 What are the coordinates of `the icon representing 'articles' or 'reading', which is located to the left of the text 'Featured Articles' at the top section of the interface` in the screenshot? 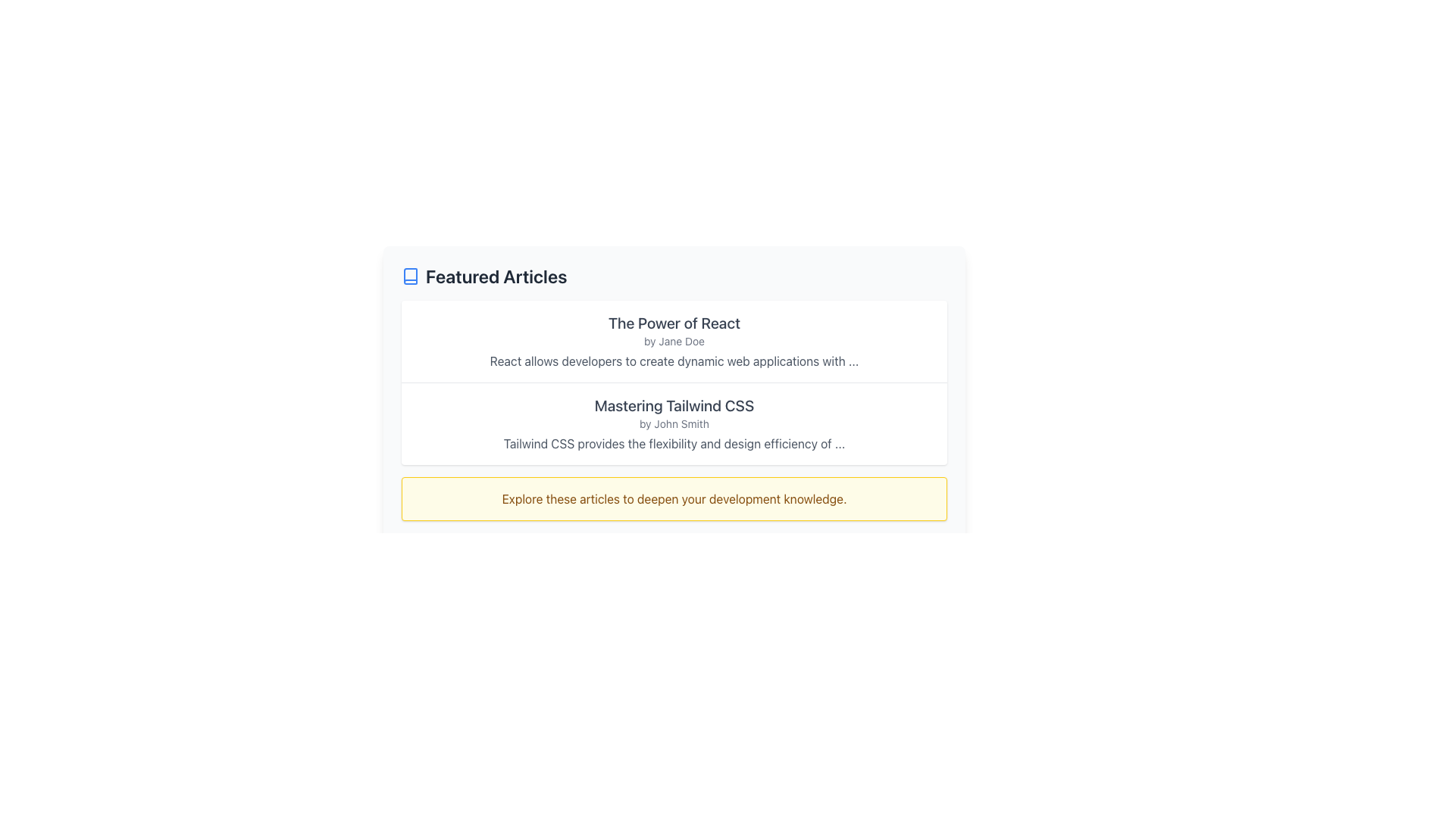 It's located at (411, 276).